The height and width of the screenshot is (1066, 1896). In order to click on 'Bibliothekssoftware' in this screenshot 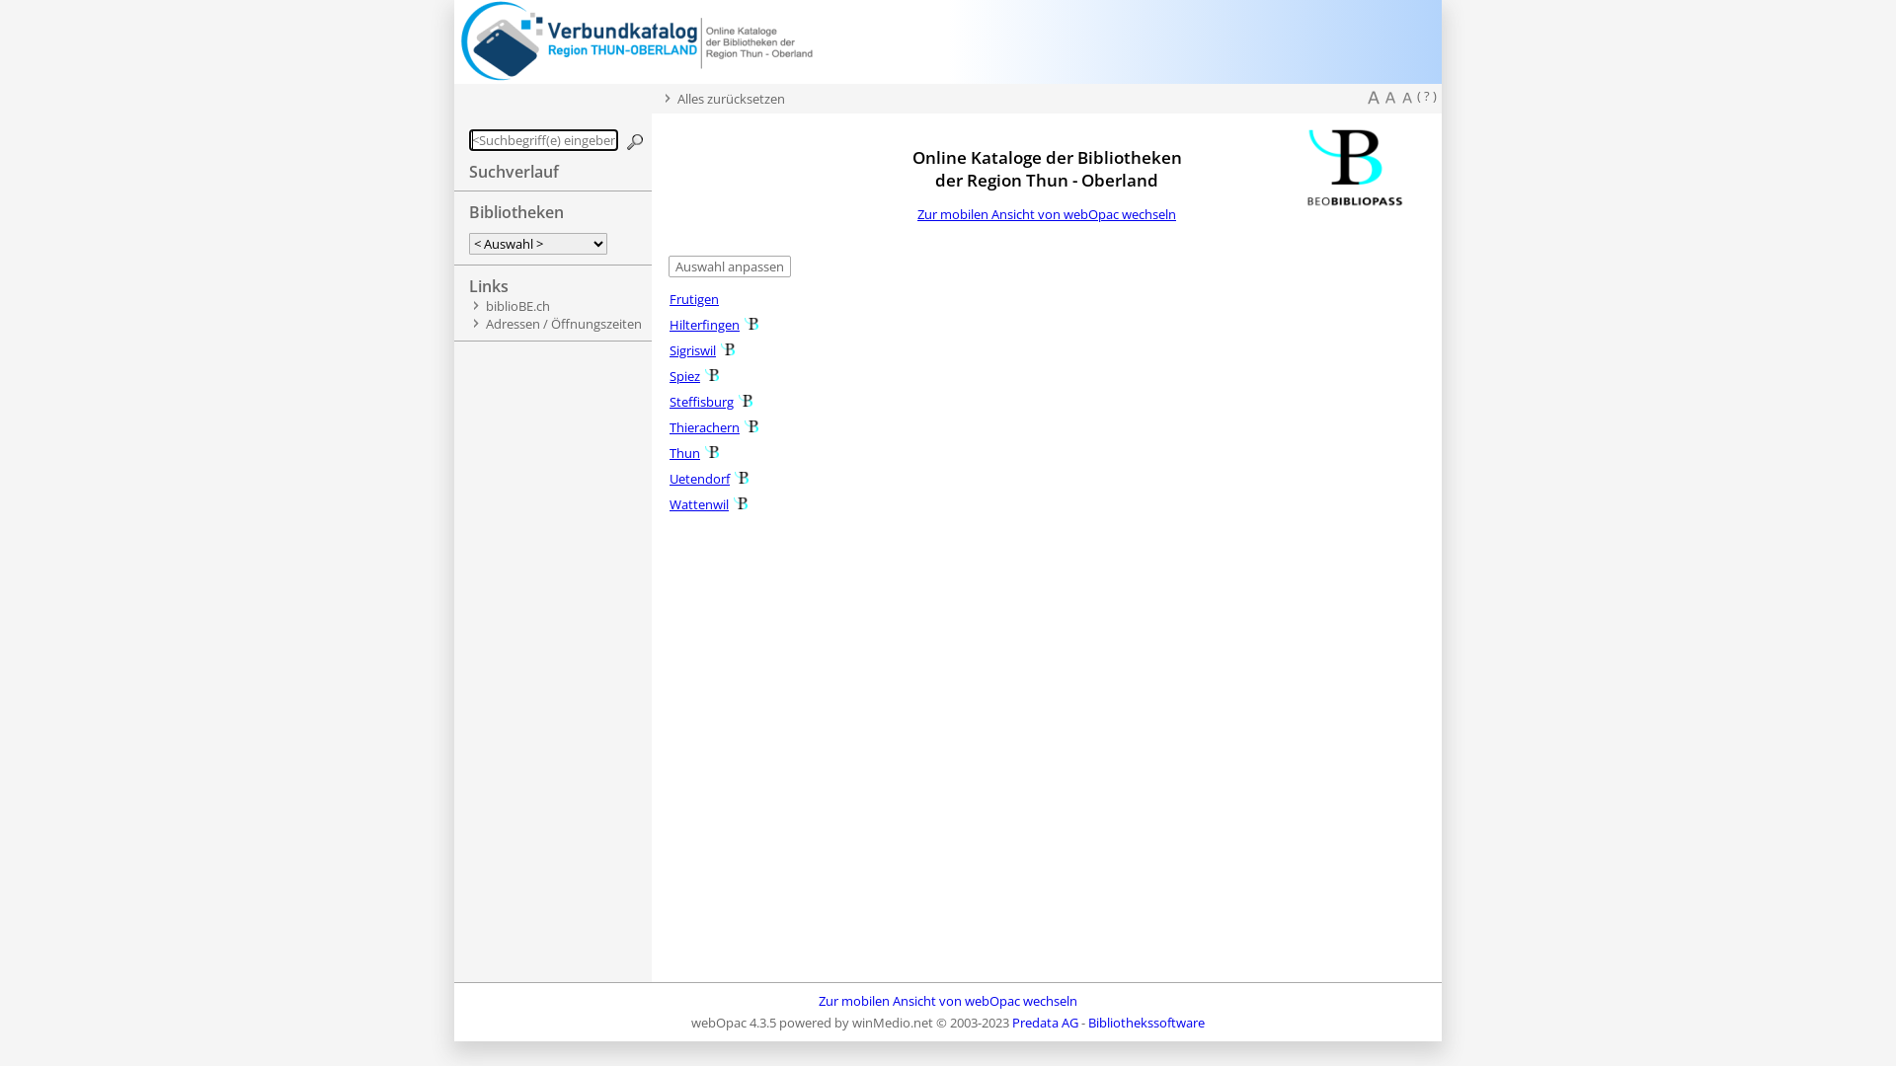, I will do `click(1146, 1022)`.